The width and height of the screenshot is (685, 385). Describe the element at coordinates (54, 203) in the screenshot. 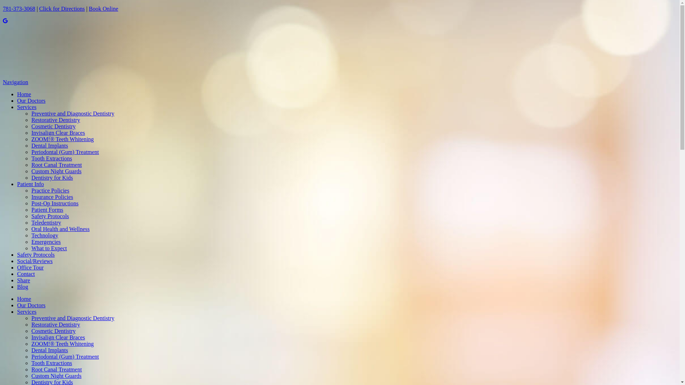

I see `'Post-Op Instructions'` at that location.